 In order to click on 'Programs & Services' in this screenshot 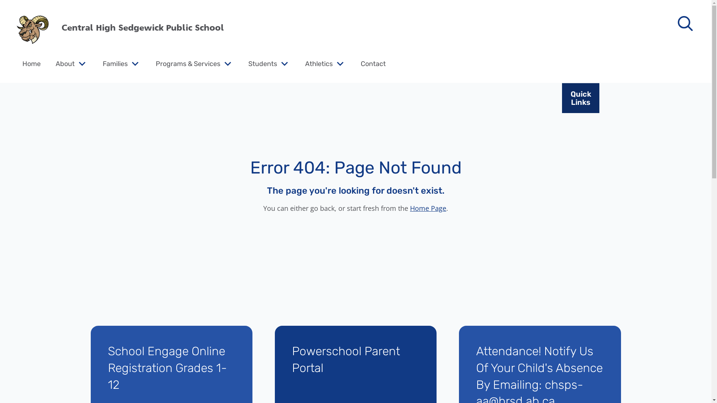, I will do `click(188, 63)`.